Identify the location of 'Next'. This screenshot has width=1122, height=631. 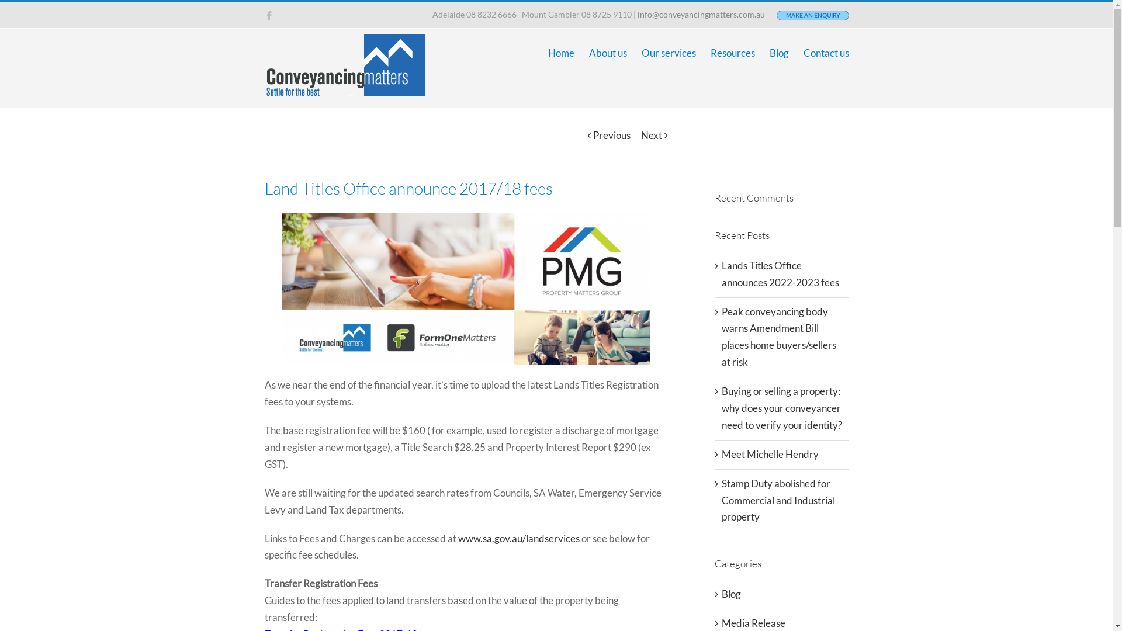
(650, 134).